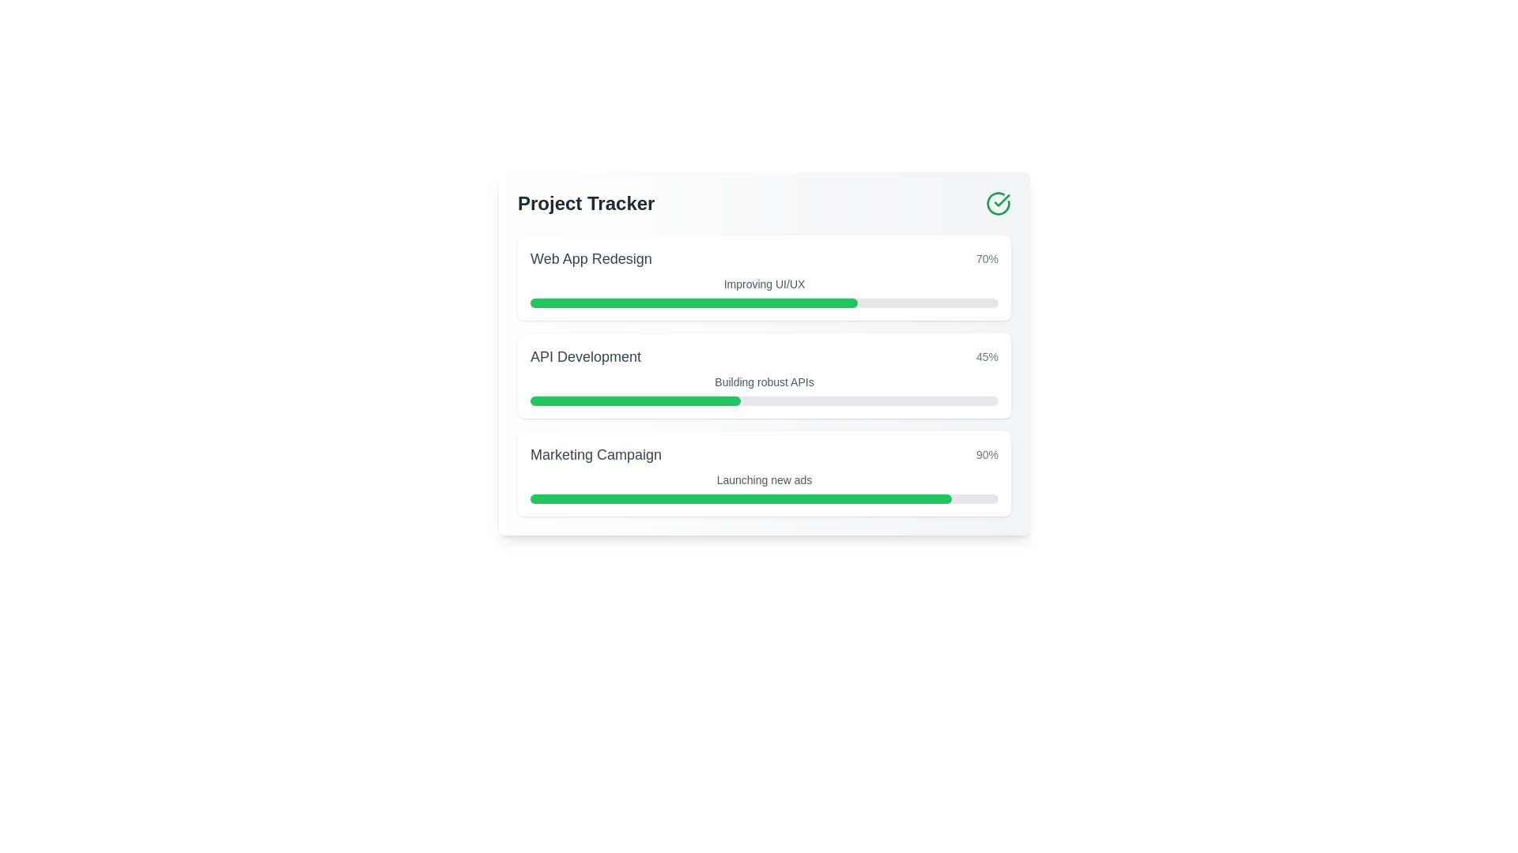 This screenshot has width=1518, height=853. Describe the element at coordinates (694, 303) in the screenshot. I see `the Progress Bar Segment of the first progress bar in the 'Web App Redesign' section of the 'Project Tracker' card to visually inspect the completion percentage` at that location.